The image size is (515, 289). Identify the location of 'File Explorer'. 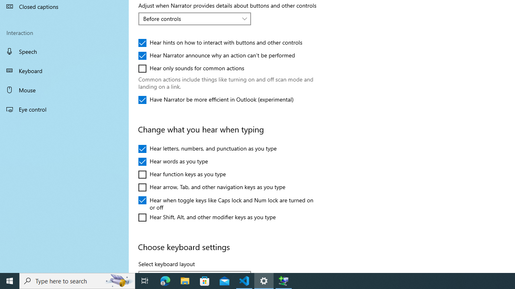
(185, 280).